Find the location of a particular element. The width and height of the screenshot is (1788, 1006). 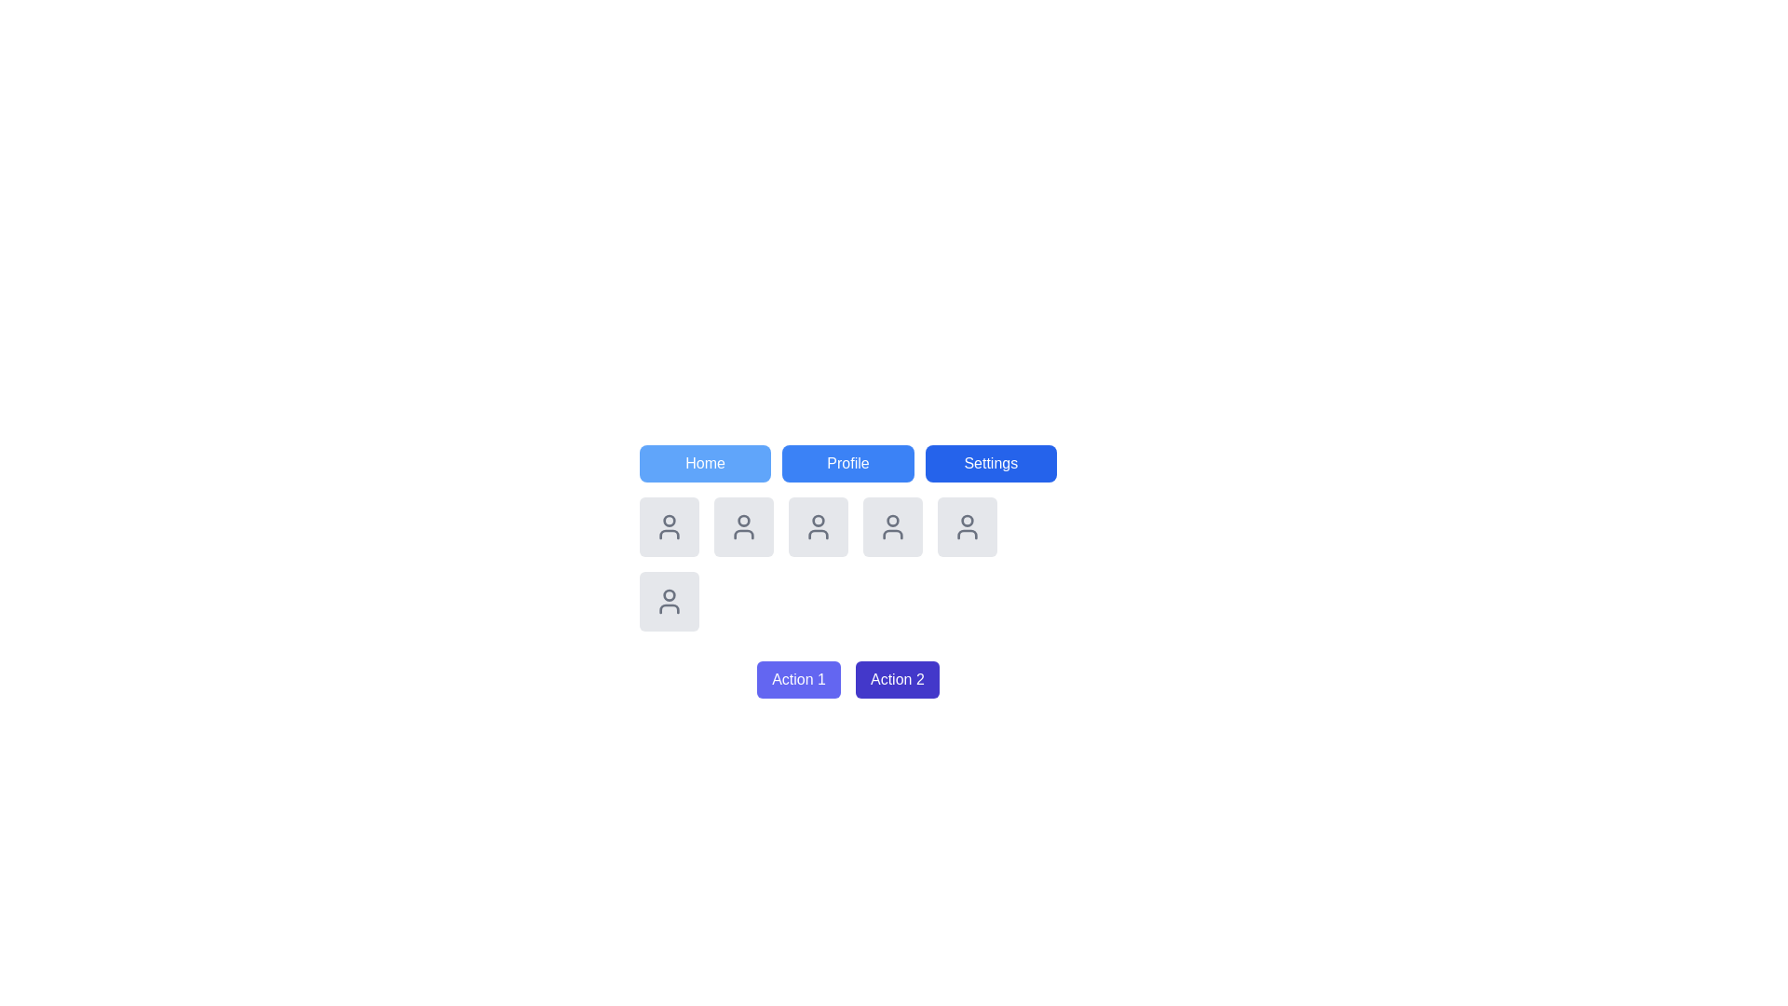

the user profile icon, which is a circular silhouette of a head and shoulders, located in the last column of the second row of user icons below the navigation bar is located at coordinates (967, 527).